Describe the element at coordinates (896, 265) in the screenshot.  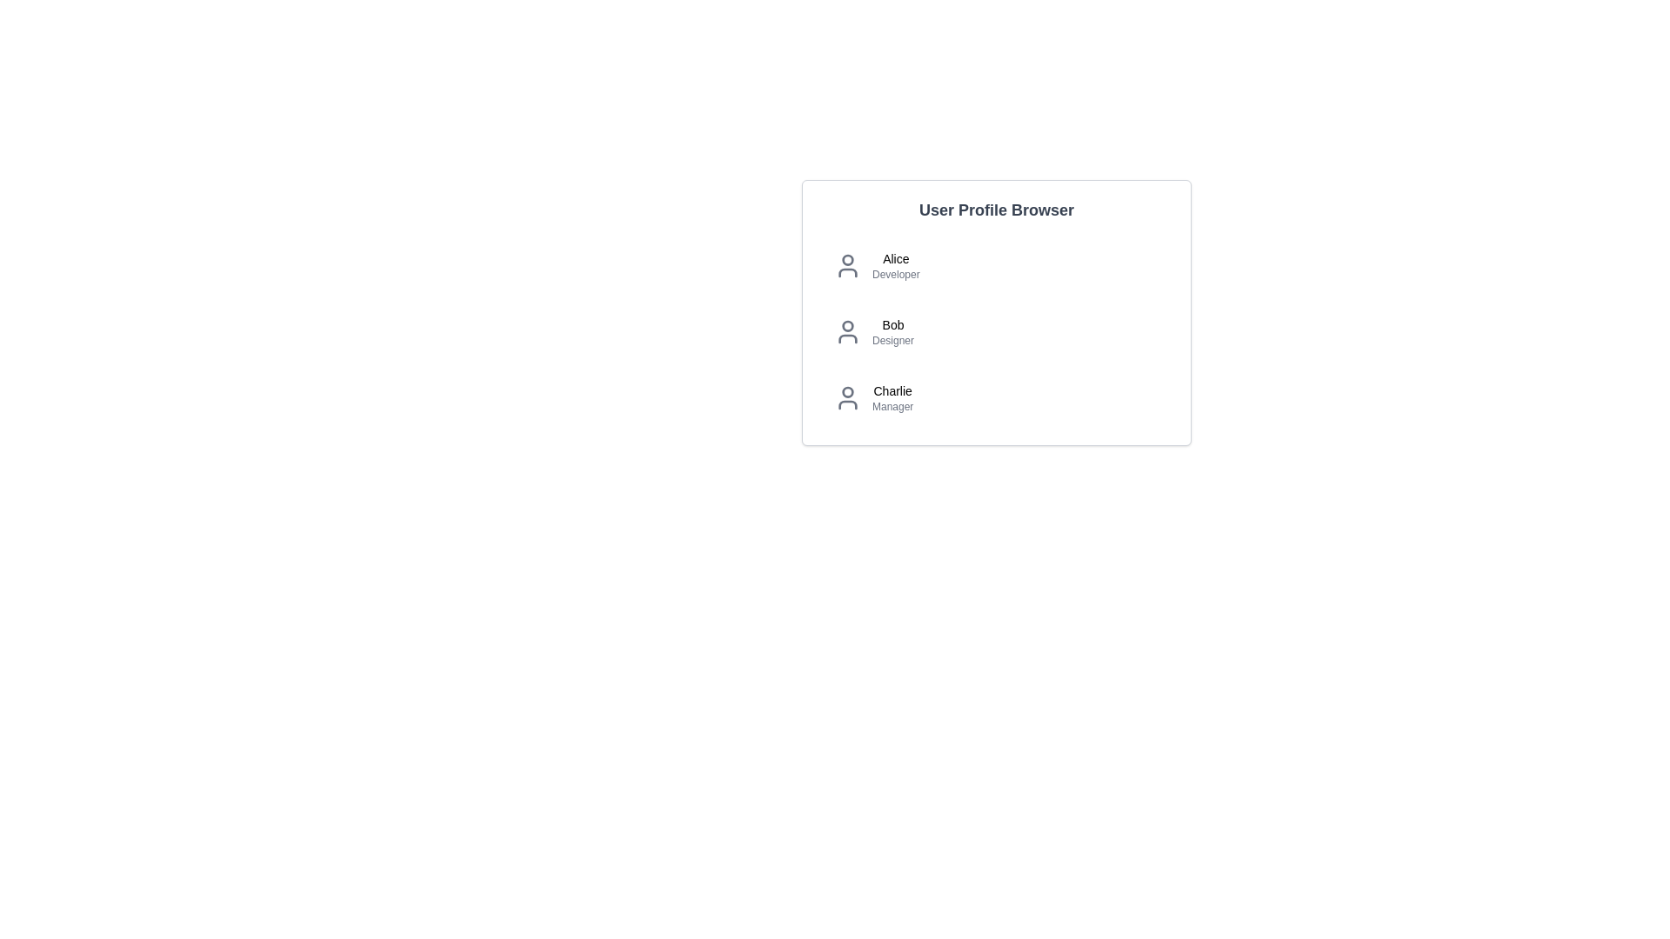
I see `the composite text element displaying the name 'Alice' and the role 'Developer', which is the first user entry in the vertical list` at that location.